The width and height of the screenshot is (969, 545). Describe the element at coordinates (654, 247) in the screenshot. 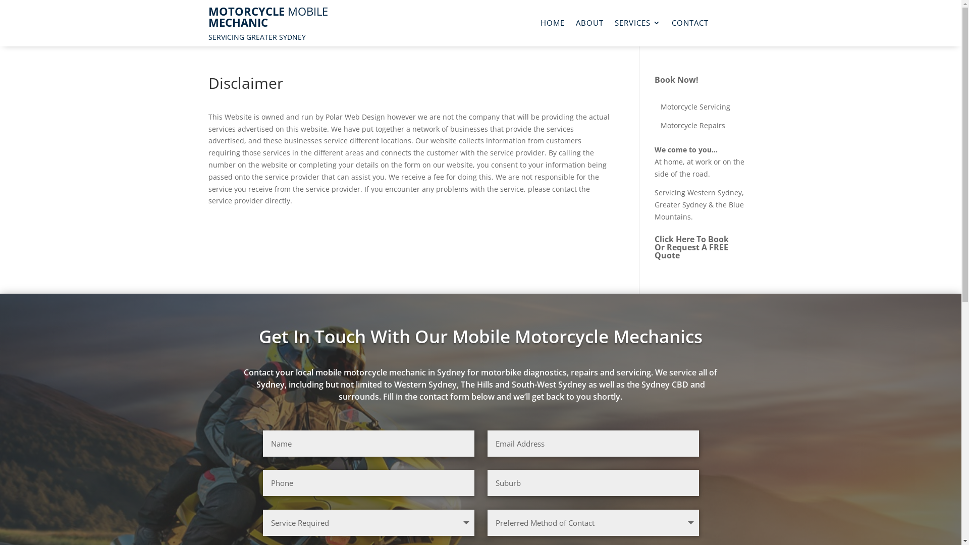

I see `'Click Here To Book` at that location.